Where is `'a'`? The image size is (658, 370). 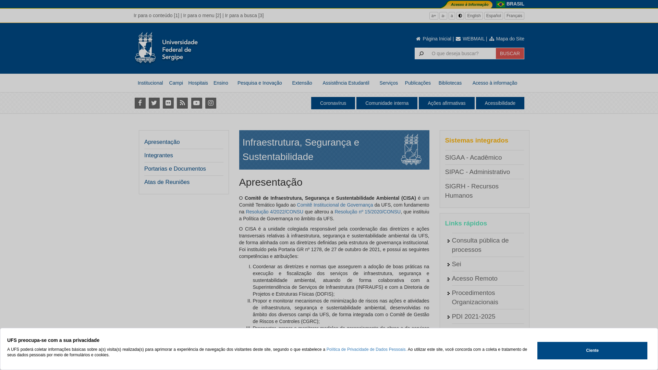
'a' is located at coordinates (452, 15).